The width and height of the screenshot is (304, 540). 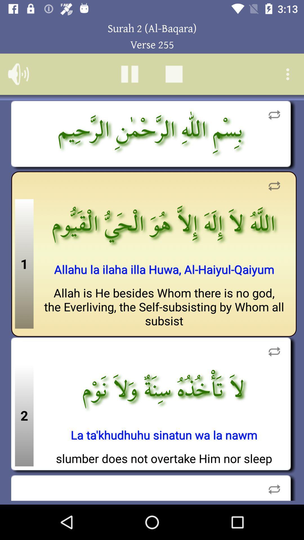 I want to click on share option, so click(x=274, y=114).